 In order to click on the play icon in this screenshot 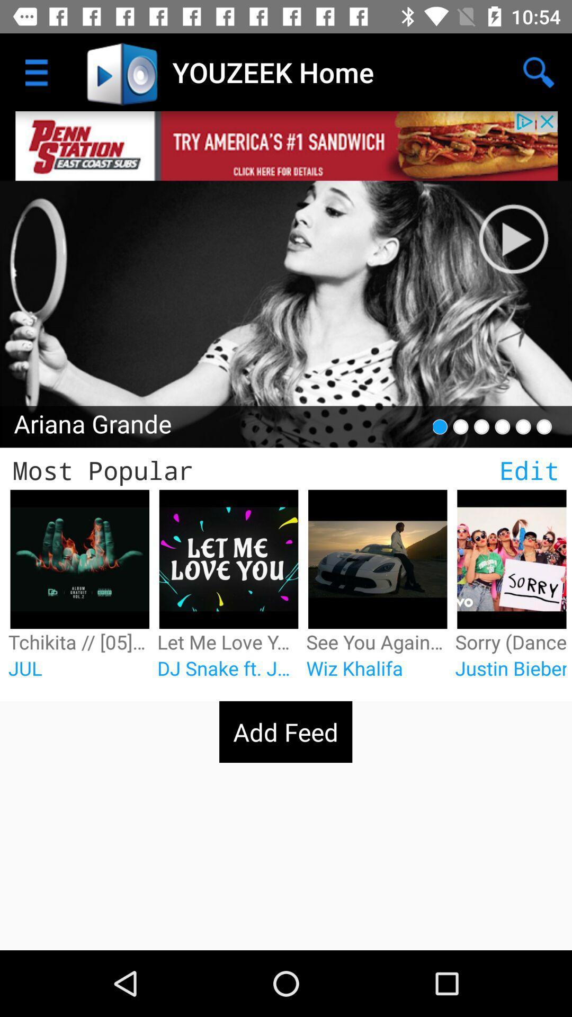, I will do `click(524, 227)`.